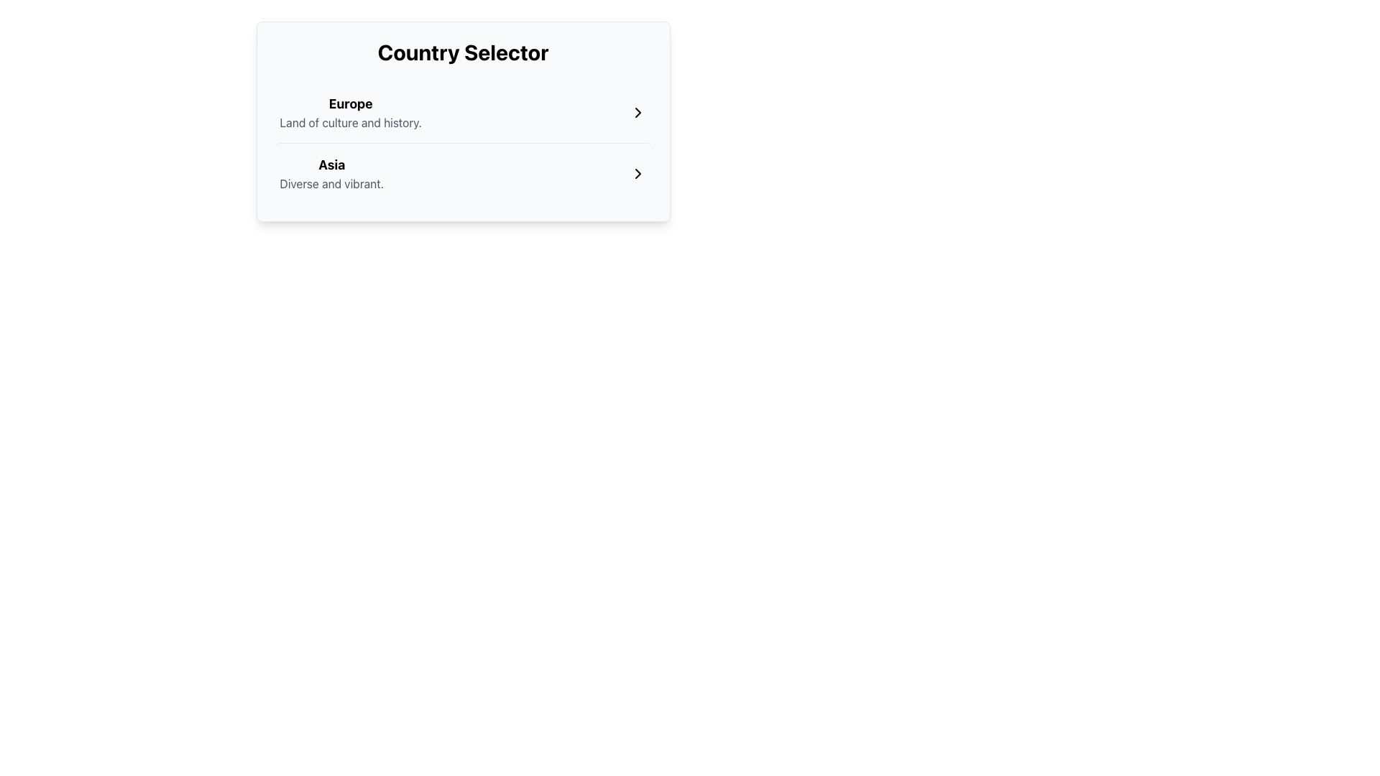  I want to click on the list item titled 'Asia' with the subtitle 'Diverse and vibrant.', so click(463, 172).